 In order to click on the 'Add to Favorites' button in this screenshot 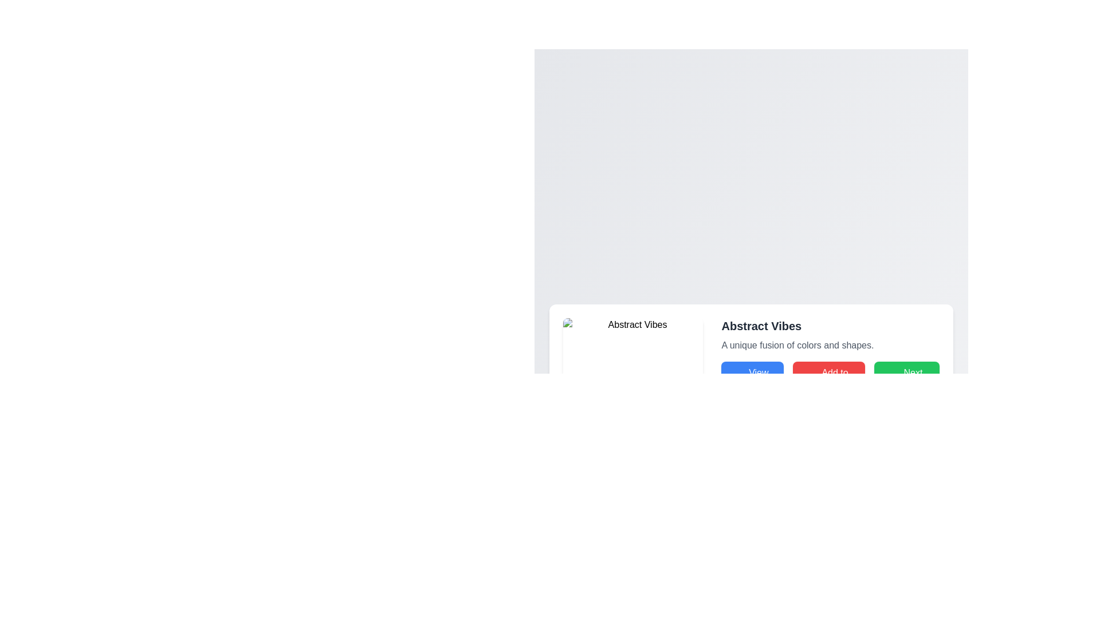, I will do `click(829, 379)`.